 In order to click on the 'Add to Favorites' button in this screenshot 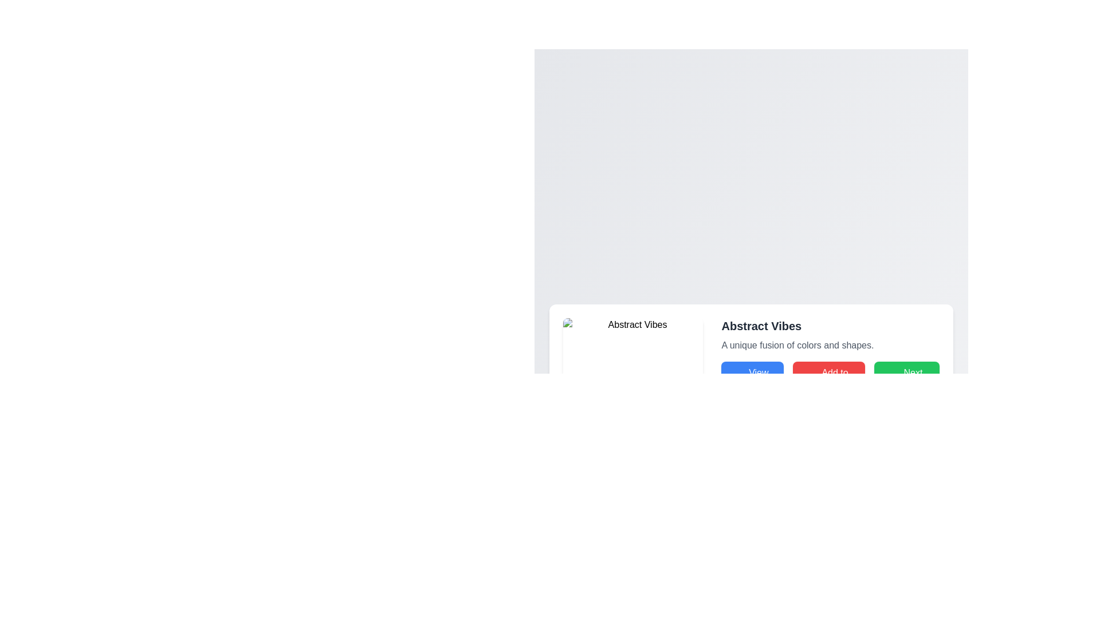, I will do `click(829, 379)`.